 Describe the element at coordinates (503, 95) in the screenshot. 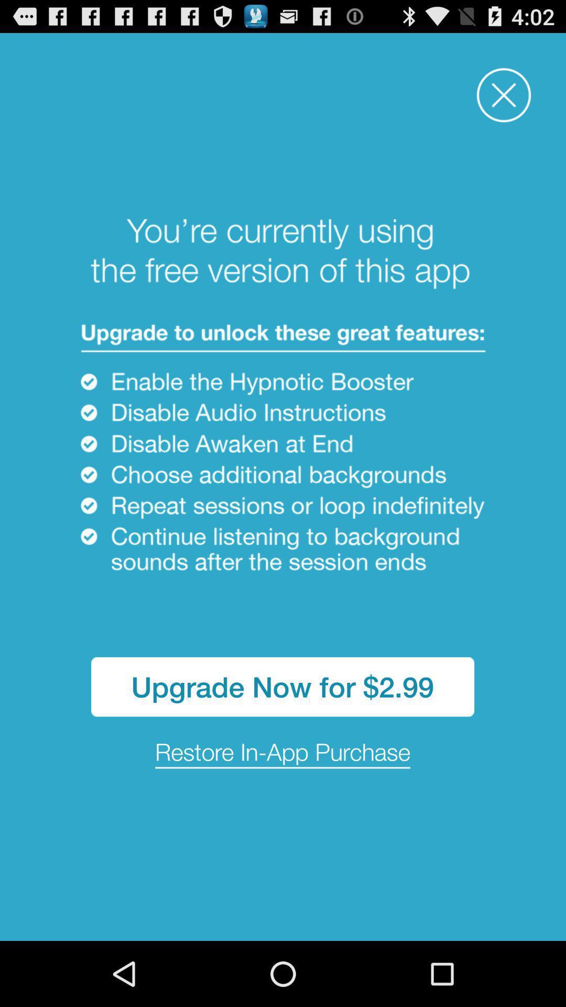

I see `the advertisement` at that location.